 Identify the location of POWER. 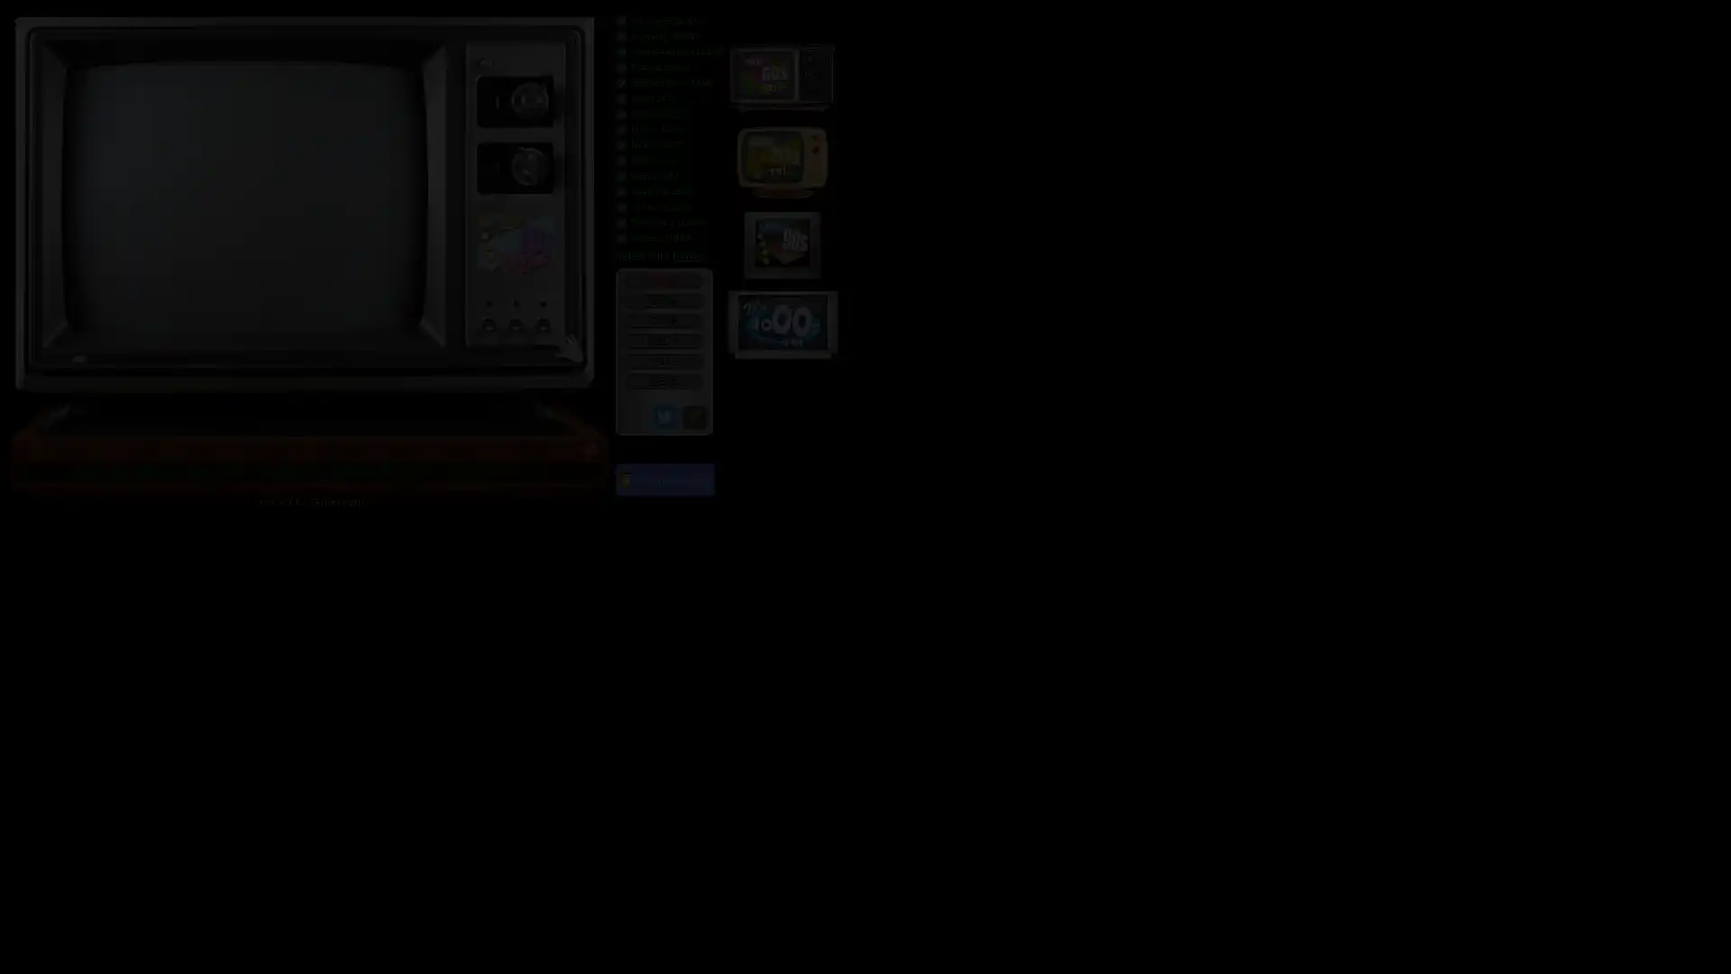
(662, 280).